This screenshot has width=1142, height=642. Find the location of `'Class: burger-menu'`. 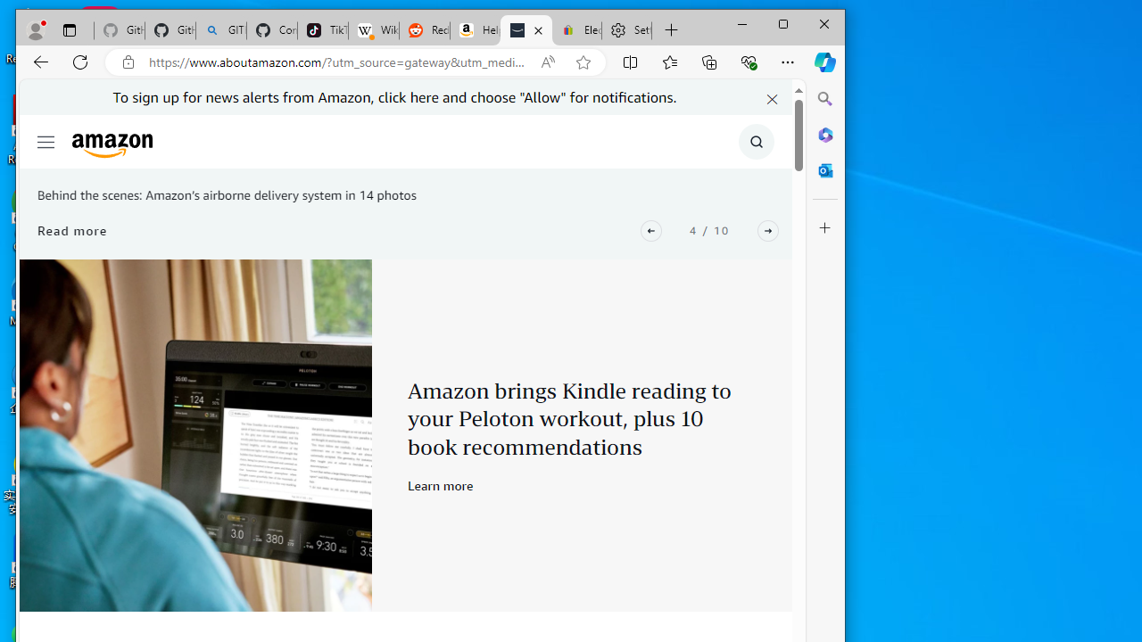

'Class: burger-menu' is located at coordinates (46, 141).